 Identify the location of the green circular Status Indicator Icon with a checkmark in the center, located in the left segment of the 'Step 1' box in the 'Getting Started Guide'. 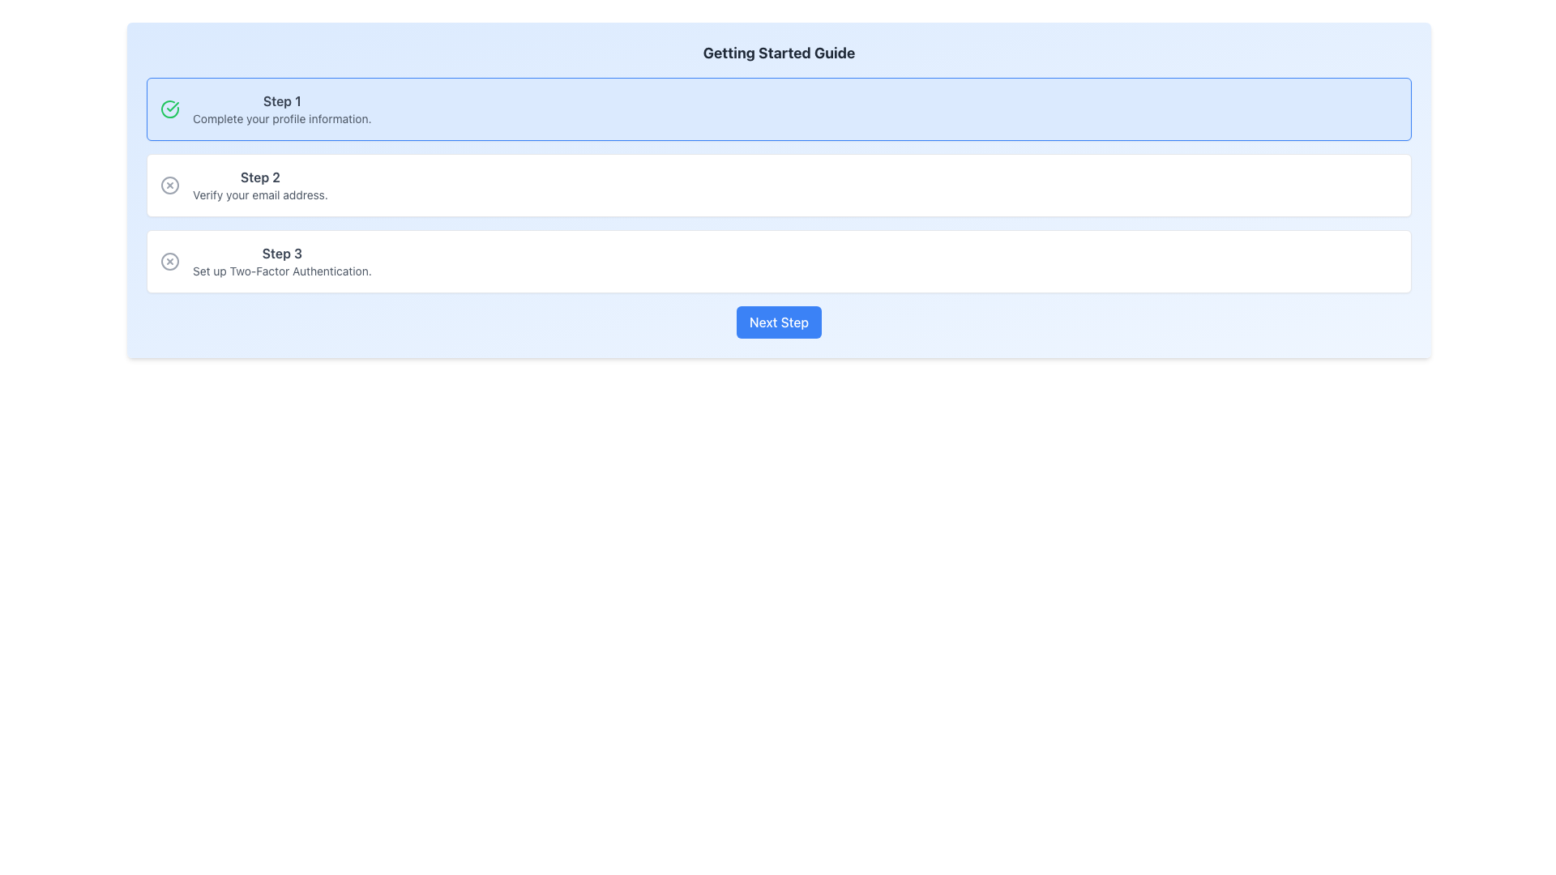
(170, 109).